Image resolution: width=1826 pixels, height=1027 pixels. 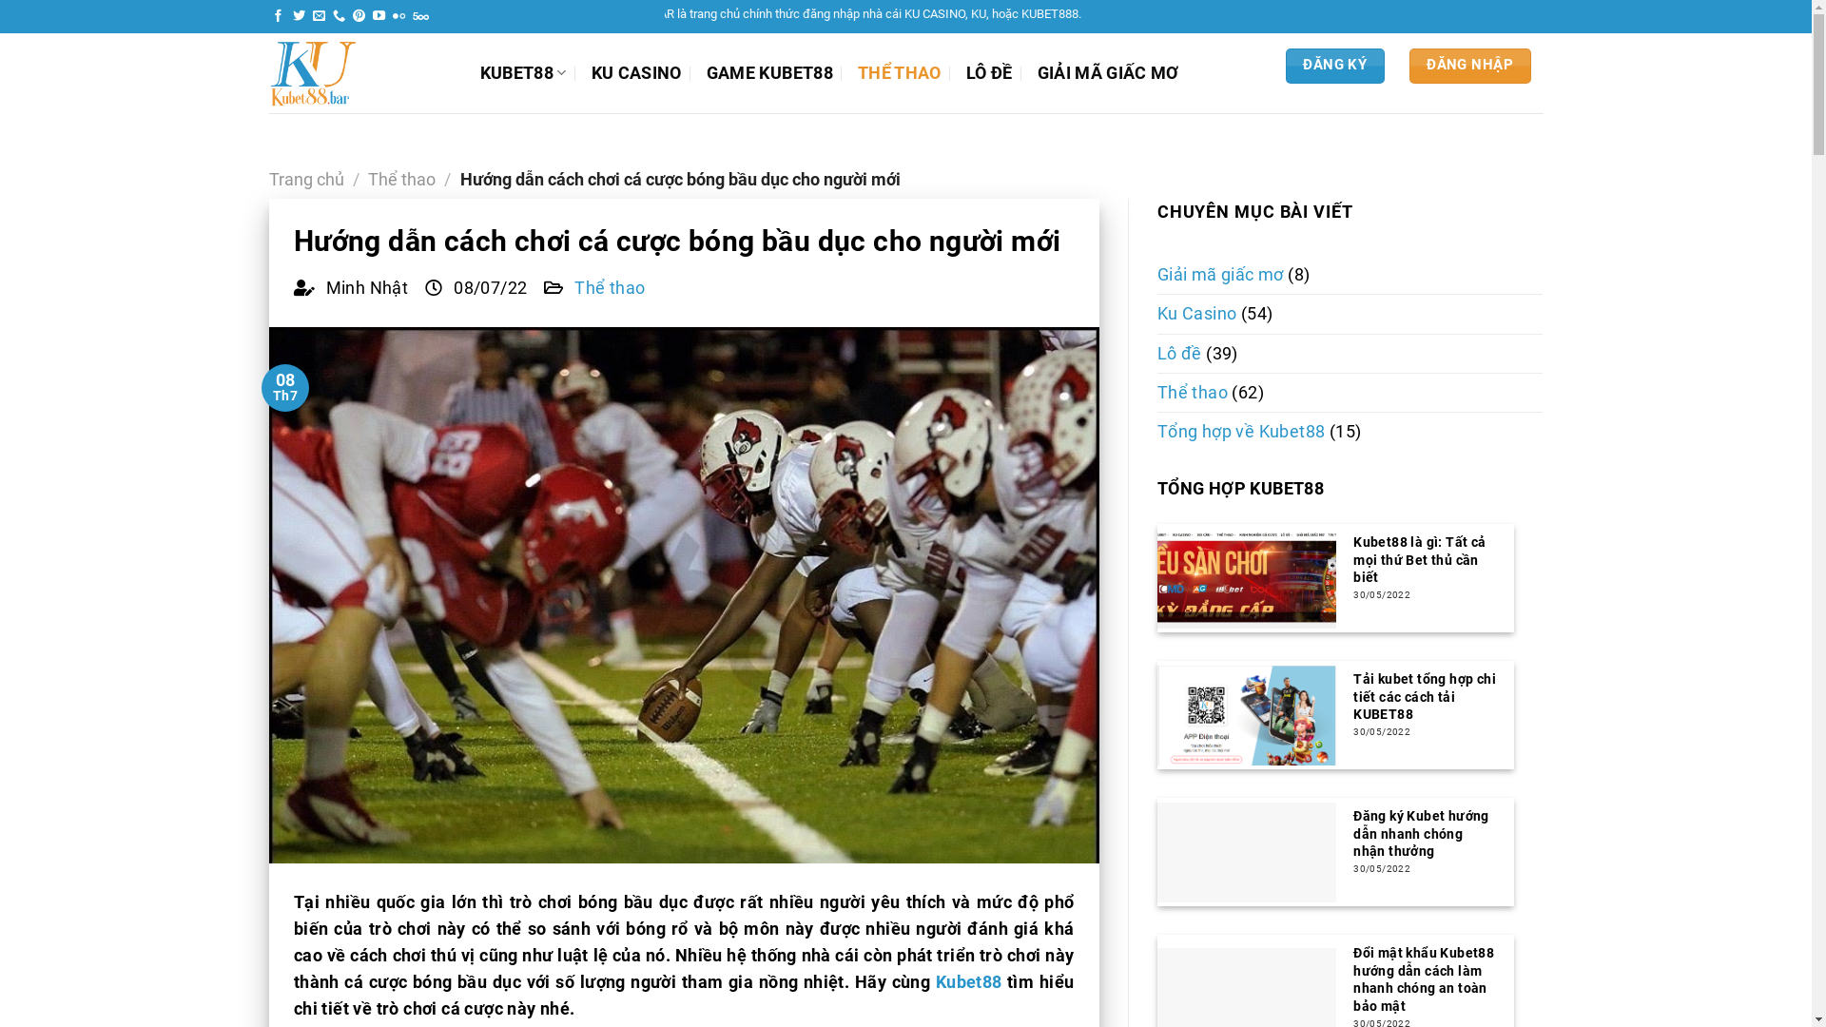 What do you see at coordinates (379, 16) in the screenshot?
I see `'Follow on YouTube'` at bounding box center [379, 16].